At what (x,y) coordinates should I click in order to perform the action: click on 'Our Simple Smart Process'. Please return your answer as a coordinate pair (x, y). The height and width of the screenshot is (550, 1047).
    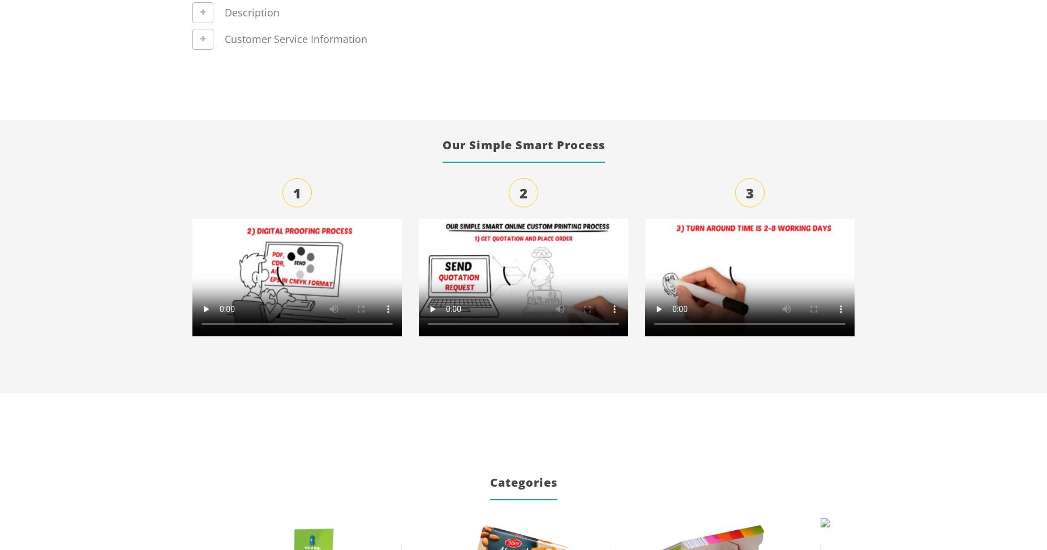
    Looking at the image, I should click on (442, 144).